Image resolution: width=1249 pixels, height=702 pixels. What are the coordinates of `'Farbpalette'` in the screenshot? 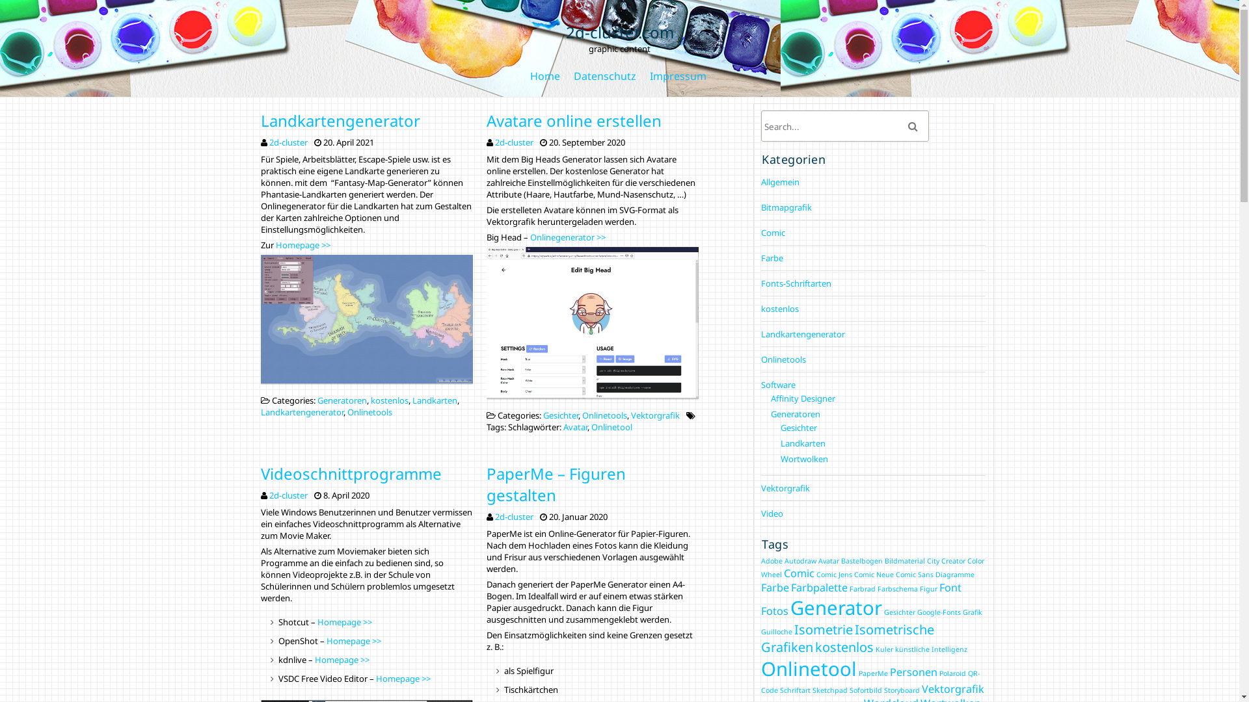 It's located at (818, 587).